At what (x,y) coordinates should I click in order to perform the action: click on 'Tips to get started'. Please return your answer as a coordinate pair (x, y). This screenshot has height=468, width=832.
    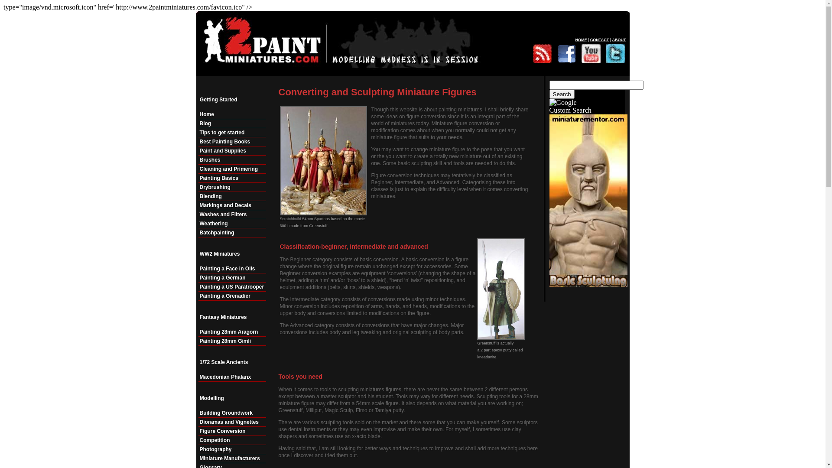
    Looking at the image, I should click on (232, 133).